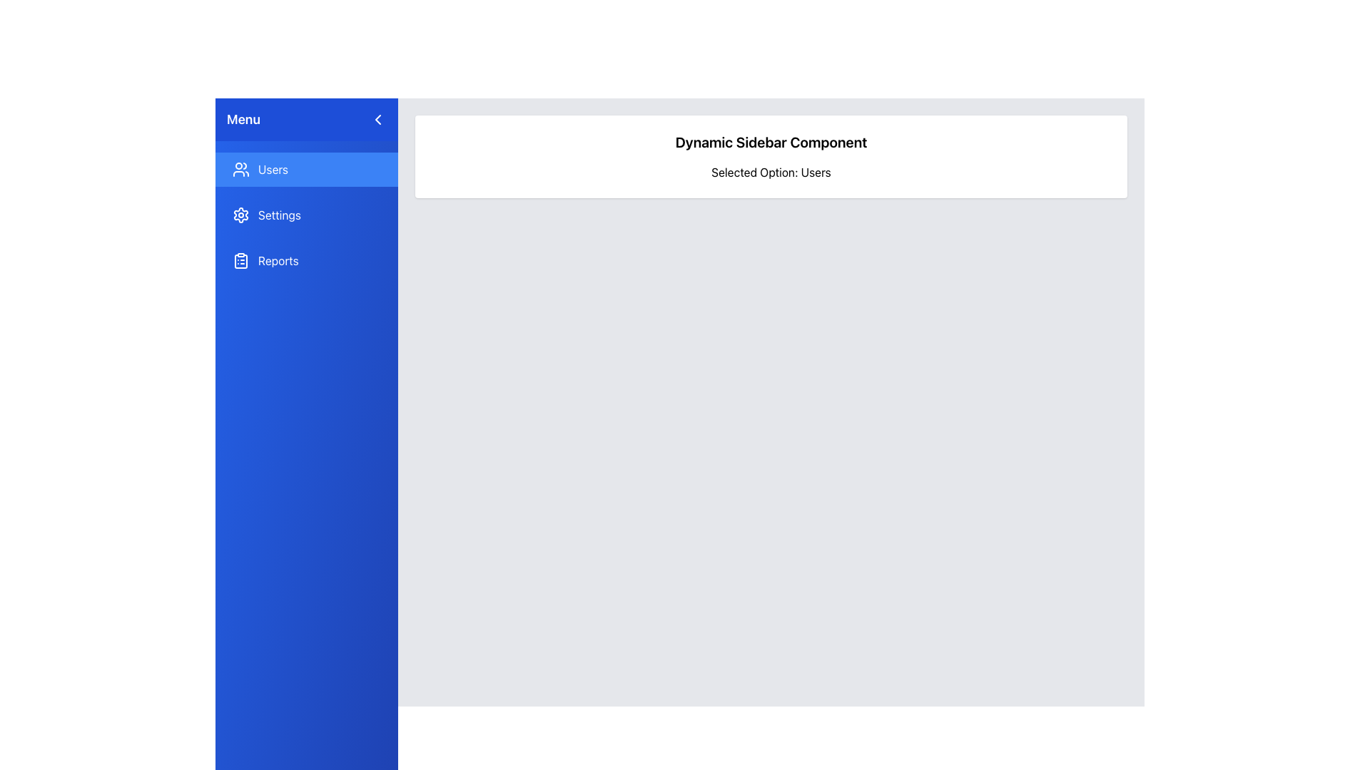  What do you see at coordinates (240, 261) in the screenshot?
I see `the clipboard icon located in the sidebar menu next to the 'Reports' menu item` at bounding box center [240, 261].